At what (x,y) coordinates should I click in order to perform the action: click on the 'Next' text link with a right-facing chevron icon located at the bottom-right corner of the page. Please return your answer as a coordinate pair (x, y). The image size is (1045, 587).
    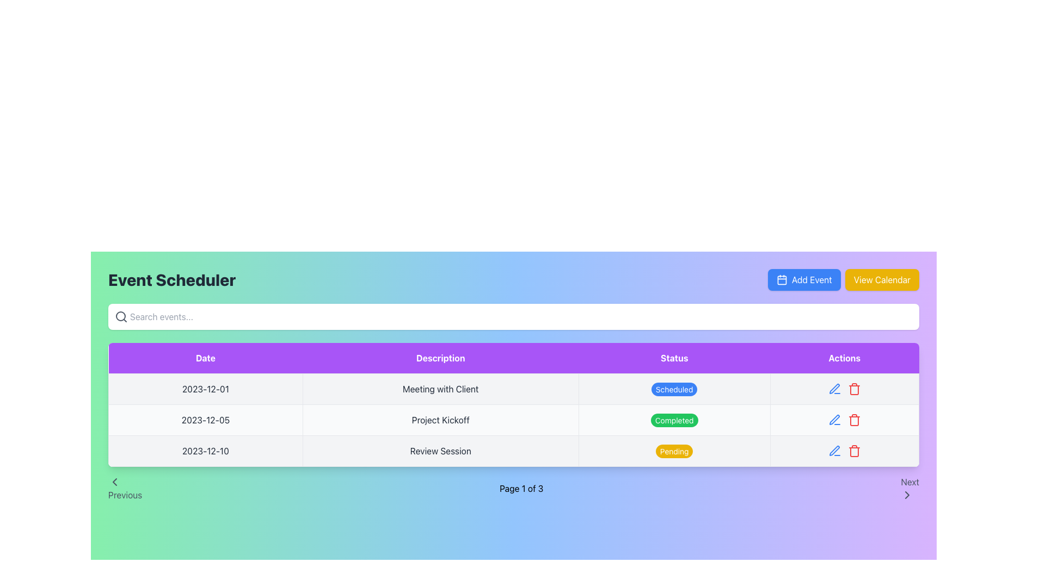
    Looking at the image, I should click on (909, 488).